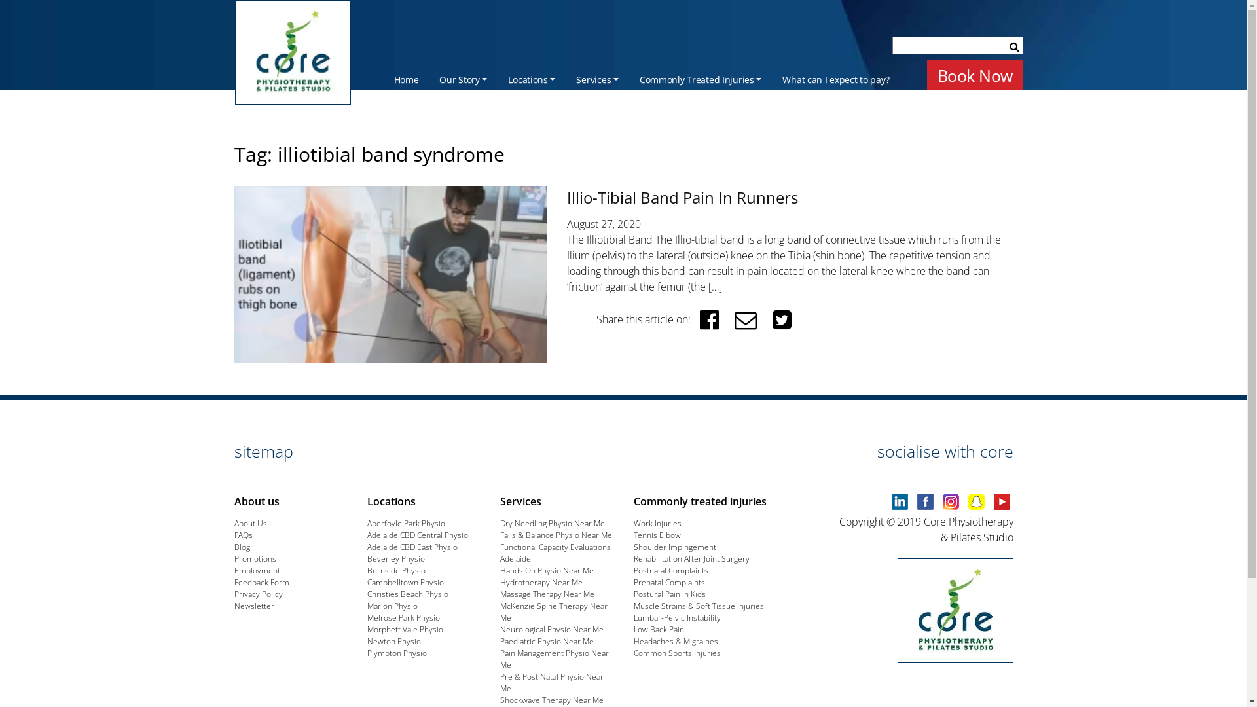 The width and height of the screenshot is (1257, 707). I want to click on 'Home', so click(405, 79).